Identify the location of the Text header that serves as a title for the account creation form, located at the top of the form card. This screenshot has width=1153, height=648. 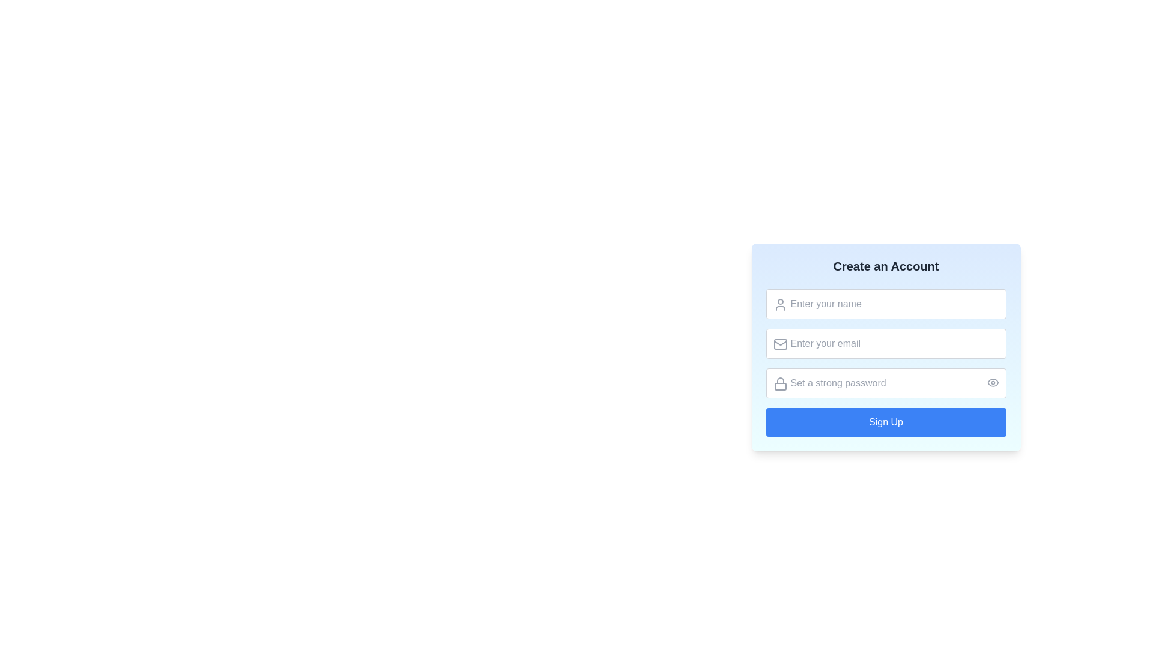
(886, 265).